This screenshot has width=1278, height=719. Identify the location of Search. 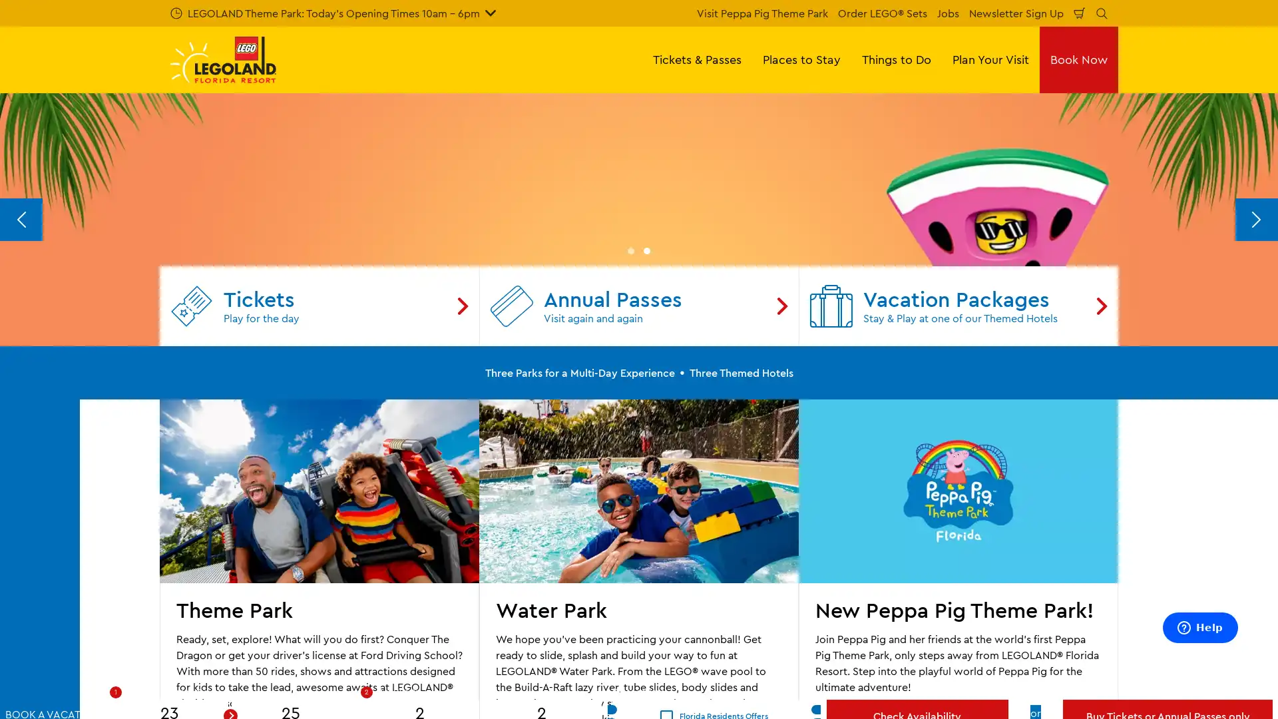
(1102, 13).